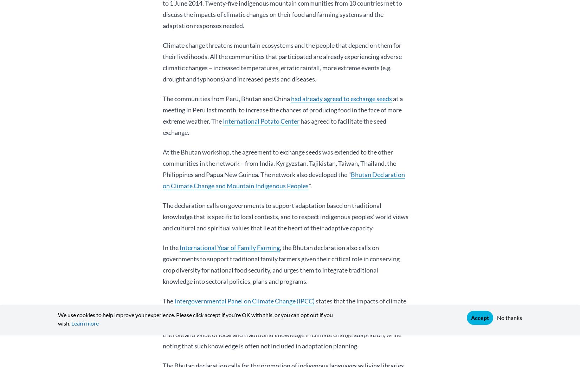  I want to click on 'Learn more', so click(85, 323).